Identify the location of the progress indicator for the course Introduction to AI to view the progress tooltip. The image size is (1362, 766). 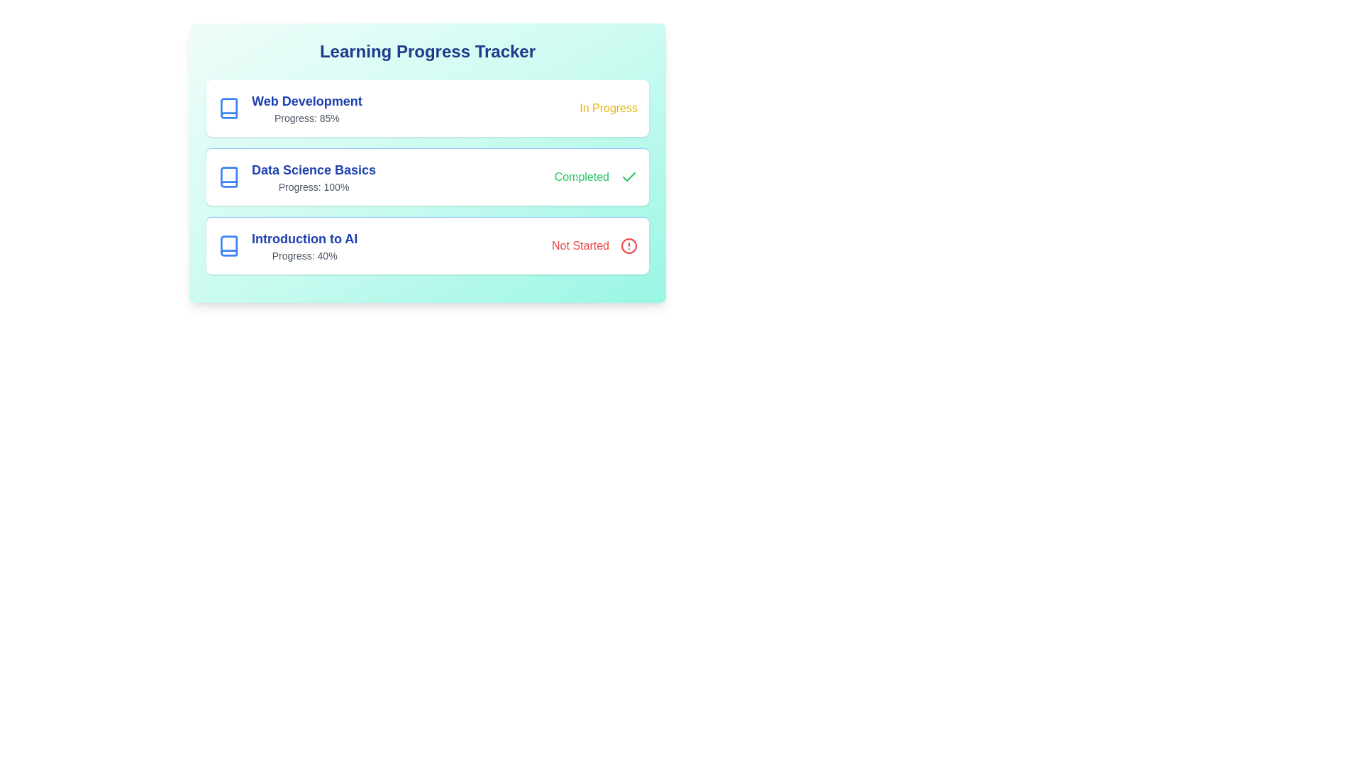
(286, 245).